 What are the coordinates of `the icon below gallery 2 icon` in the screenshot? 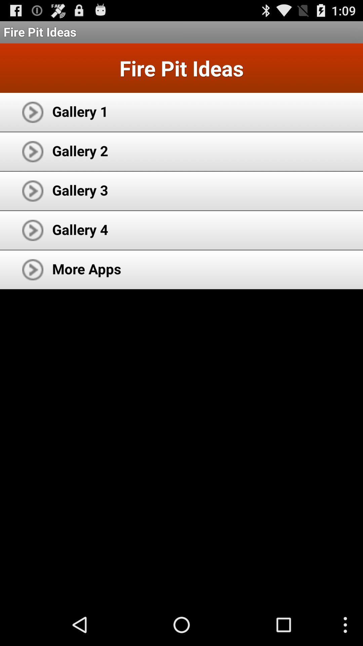 It's located at (80, 189).